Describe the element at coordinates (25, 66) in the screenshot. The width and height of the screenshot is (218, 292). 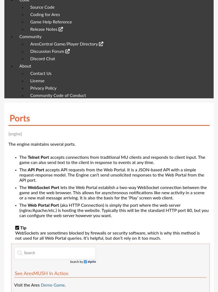
I see `'About'` at that location.